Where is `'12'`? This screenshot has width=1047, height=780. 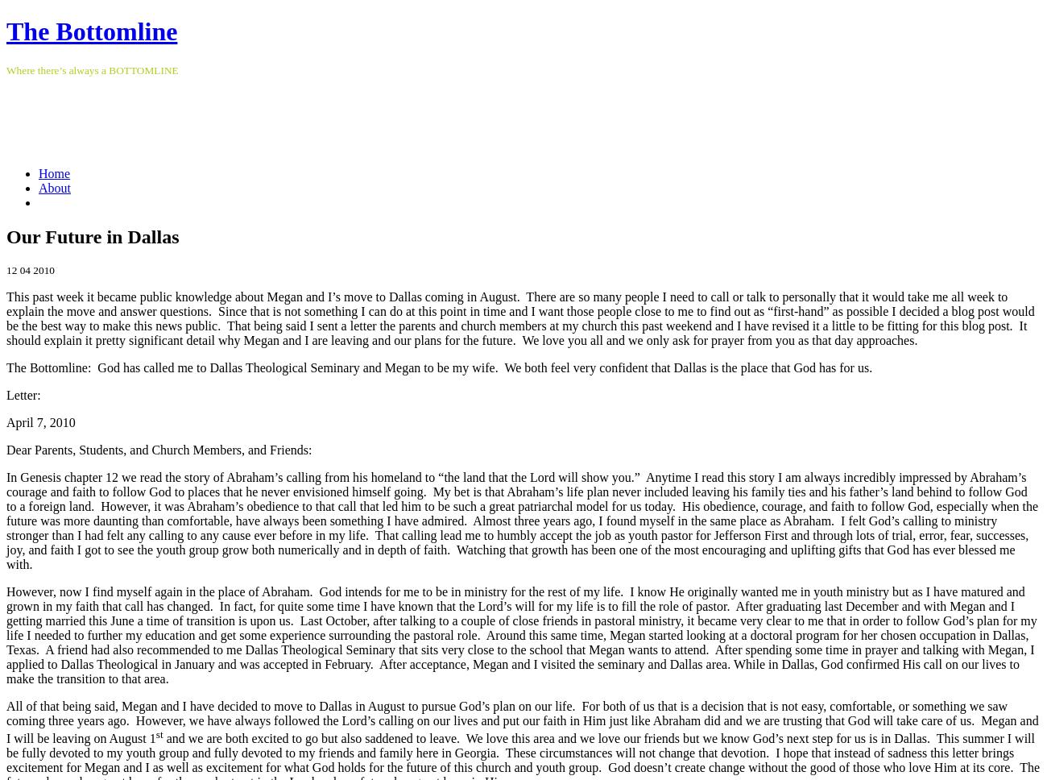
'12' is located at coordinates (10, 269).